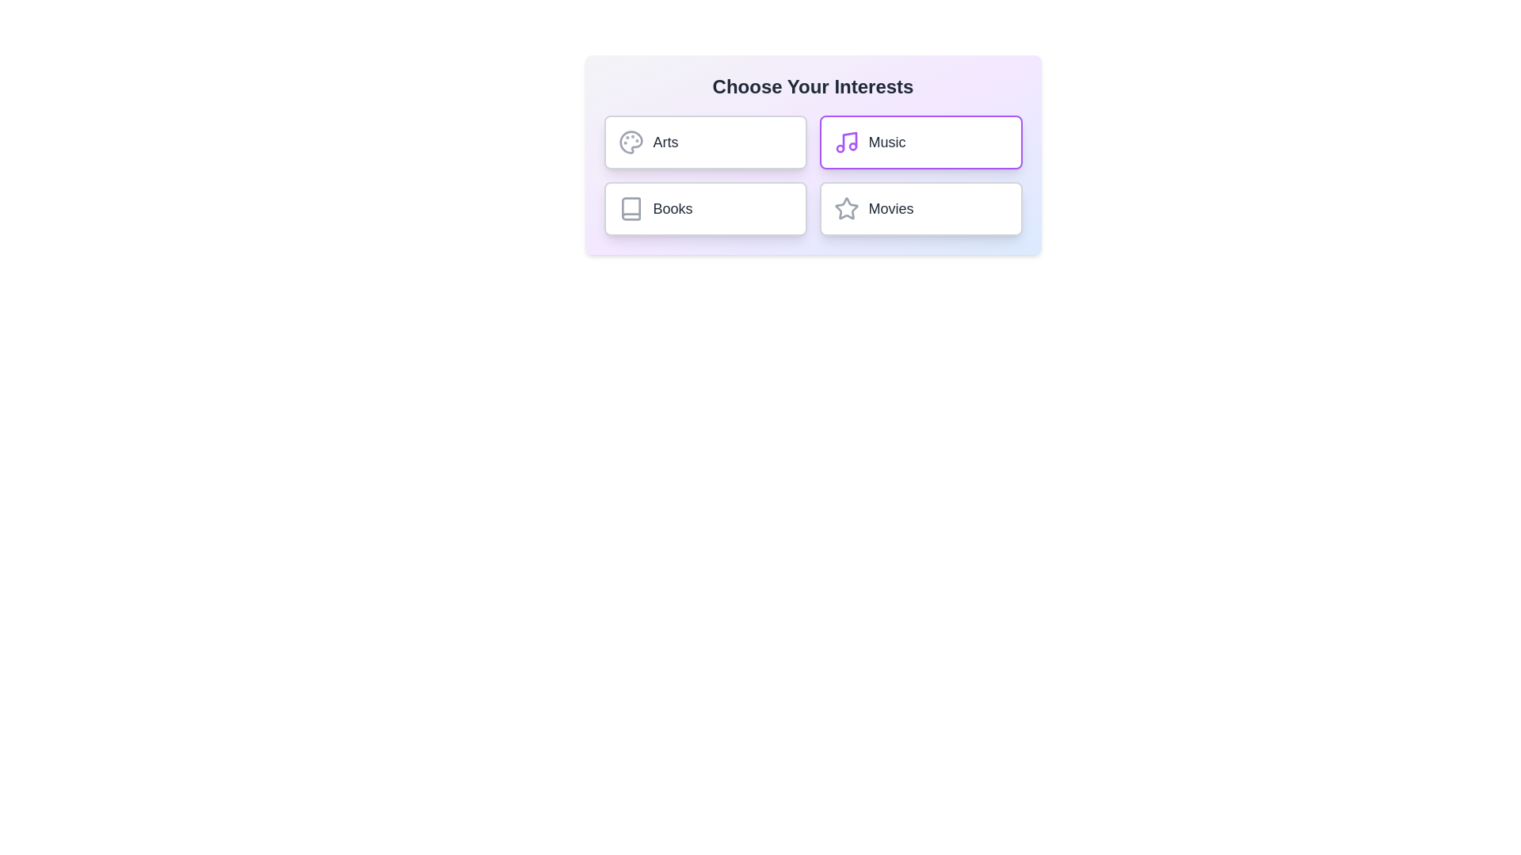 The height and width of the screenshot is (855, 1521). What do you see at coordinates (921, 207) in the screenshot?
I see `the chip labeled Movies to observe its hover effect` at bounding box center [921, 207].